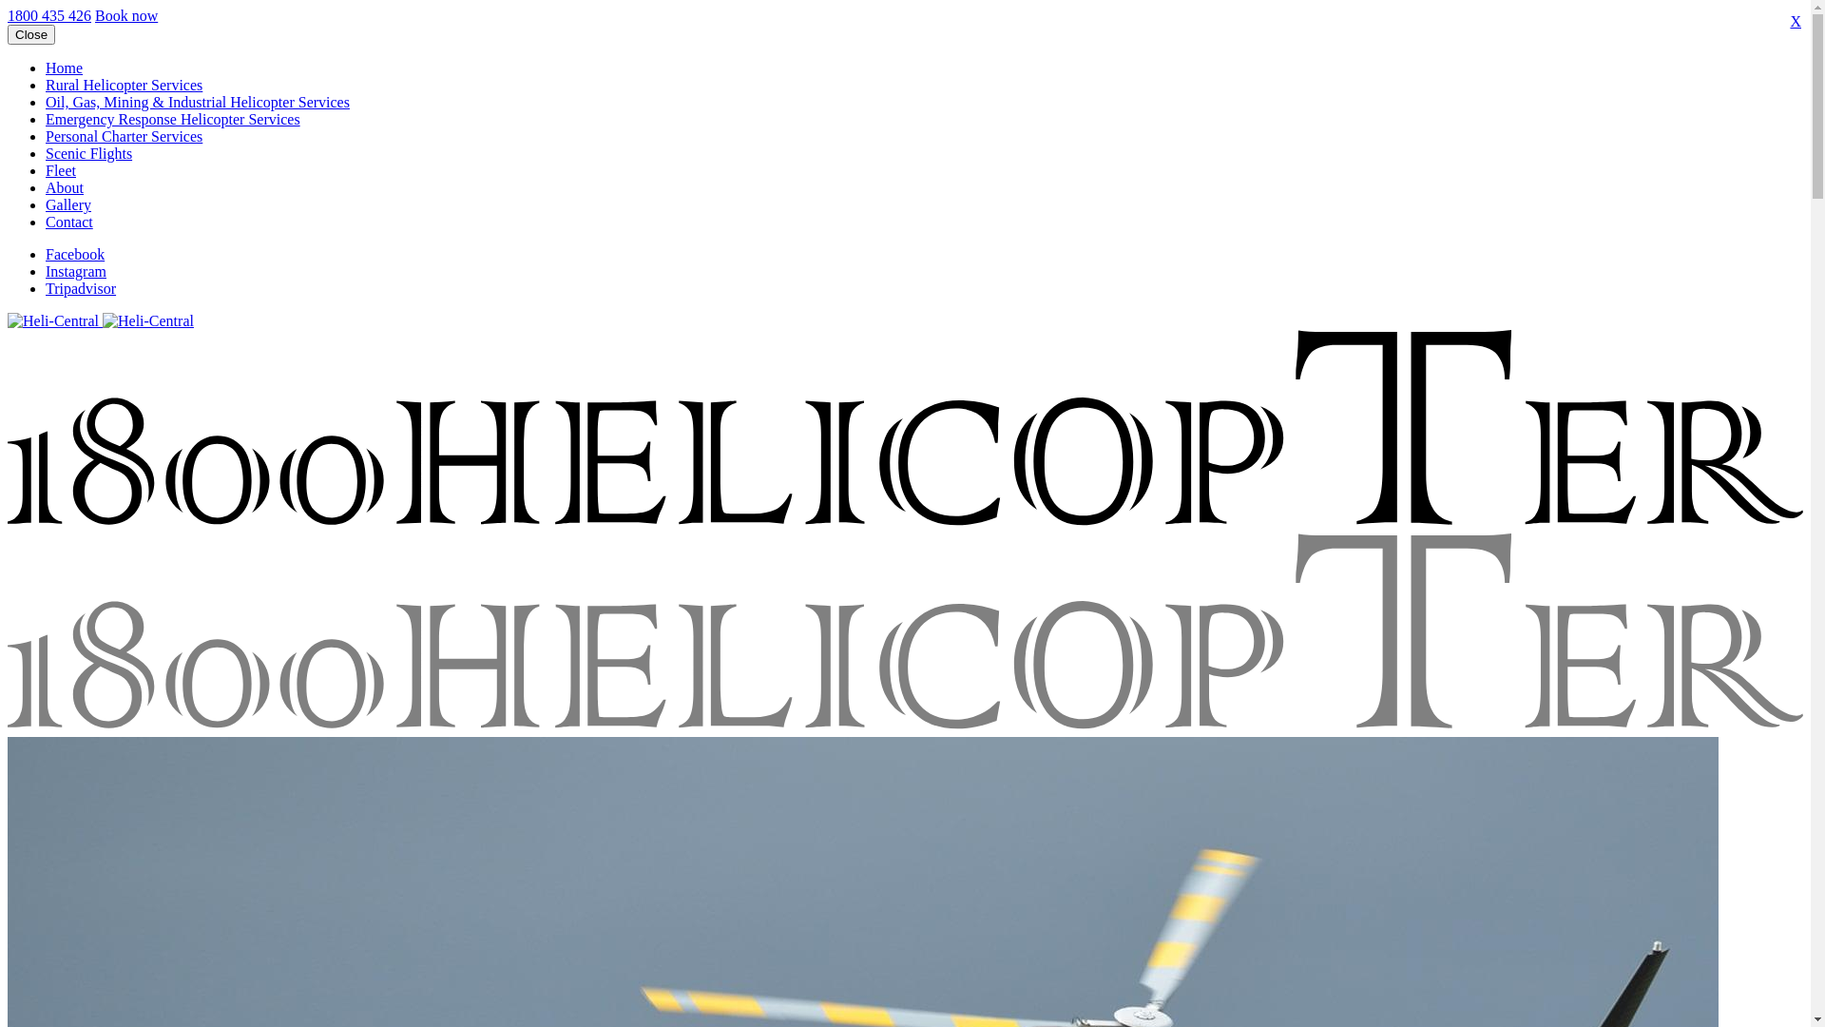  What do you see at coordinates (60, 169) in the screenshot?
I see `'Fleet'` at bounding box center [60, 169].